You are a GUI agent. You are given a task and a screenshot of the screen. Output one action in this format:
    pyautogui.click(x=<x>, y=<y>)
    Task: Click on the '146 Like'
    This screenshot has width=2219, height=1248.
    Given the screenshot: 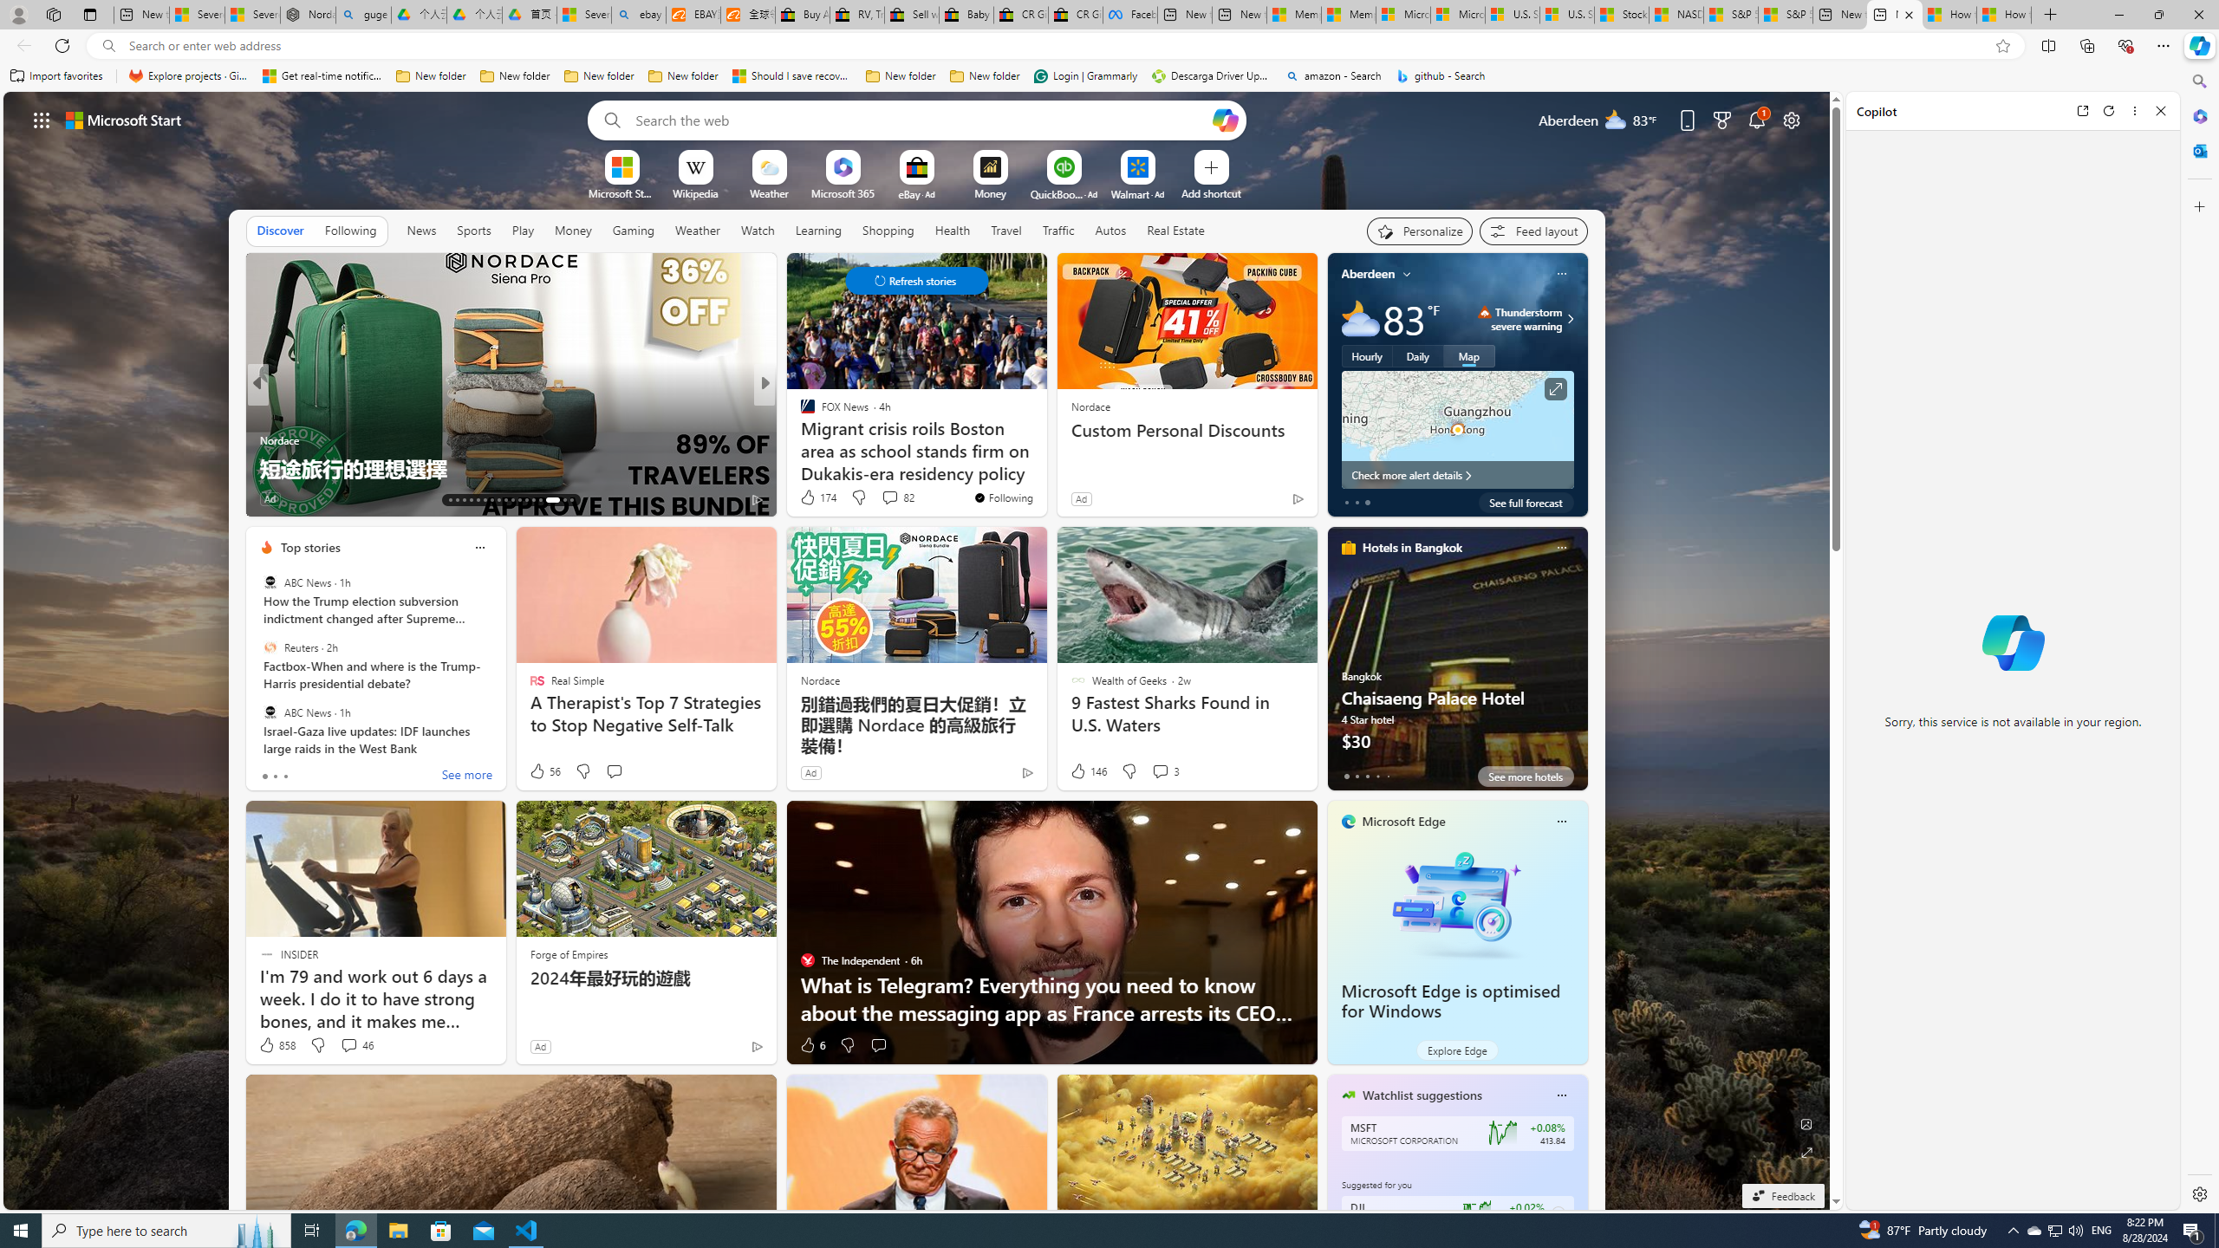 What is the action you would take?
    pyautogui.click(x=1088, y=770)
    